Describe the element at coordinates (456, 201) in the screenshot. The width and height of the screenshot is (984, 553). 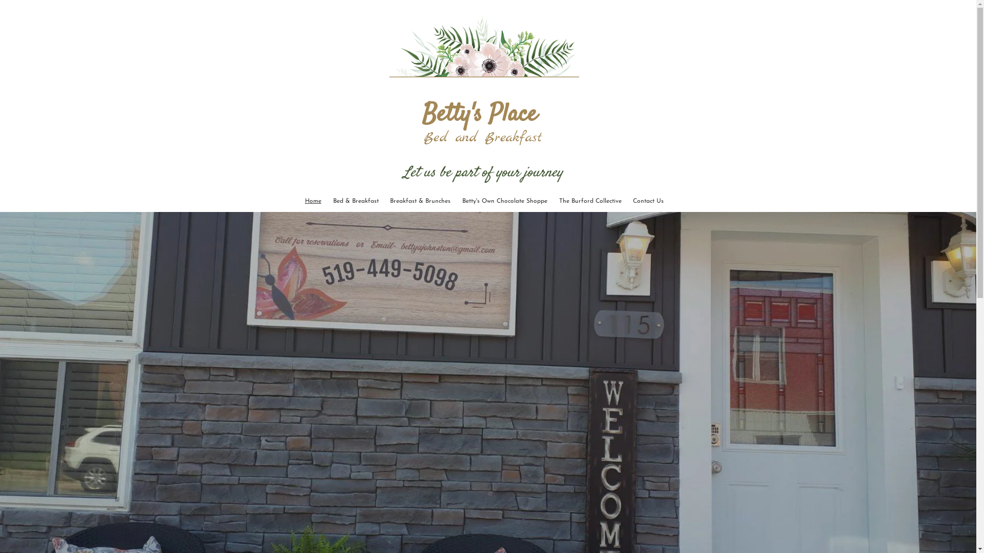
I see `'Betty's Own Chocolate Shoppe'` at that location.